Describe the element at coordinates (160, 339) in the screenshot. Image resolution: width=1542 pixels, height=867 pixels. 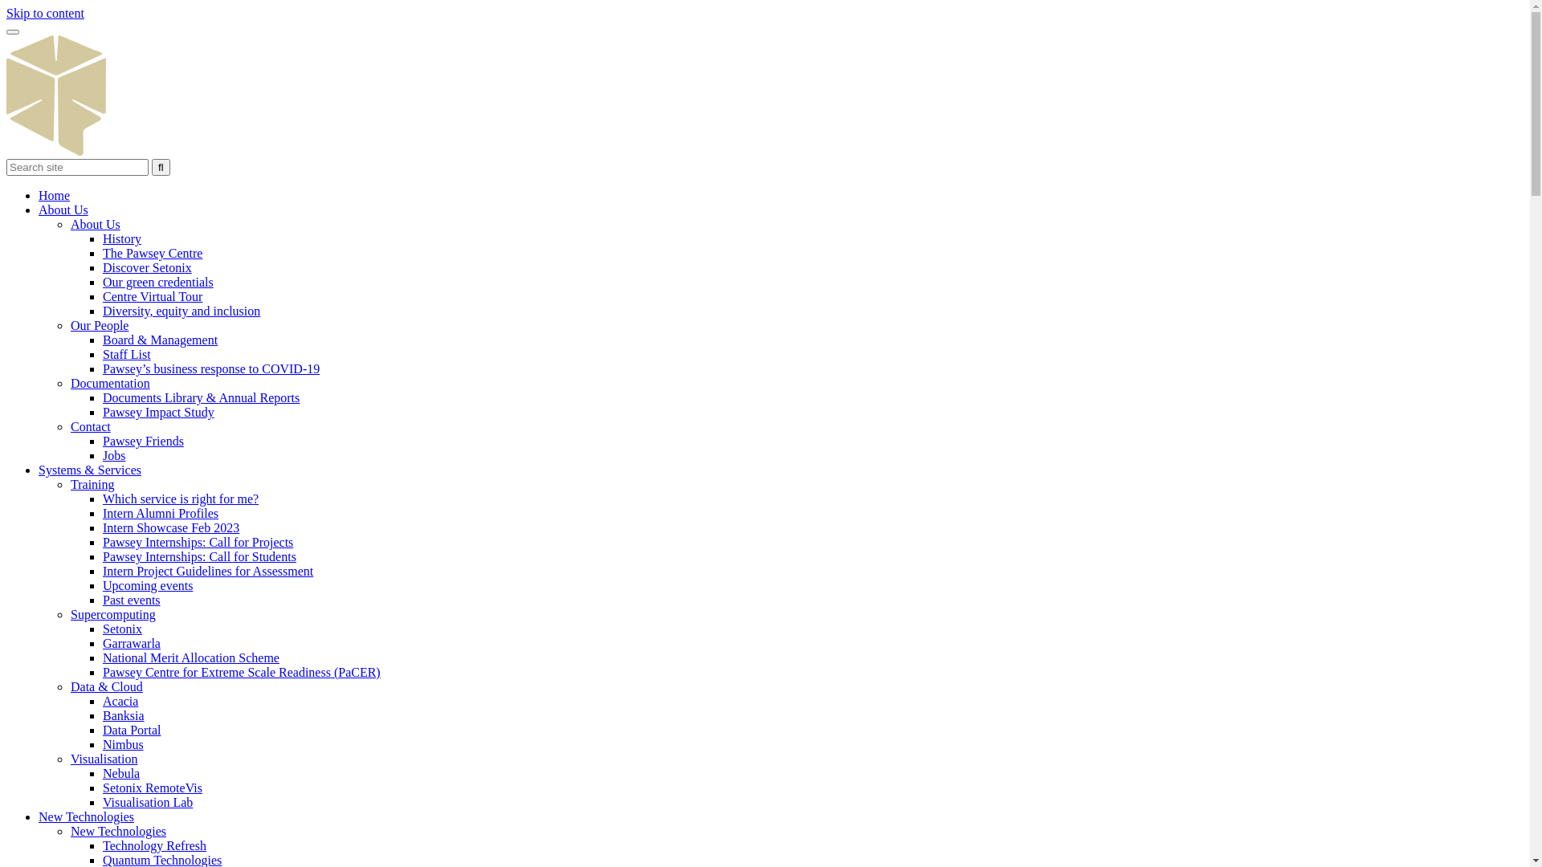
I see `'Board & Management'` at that location.